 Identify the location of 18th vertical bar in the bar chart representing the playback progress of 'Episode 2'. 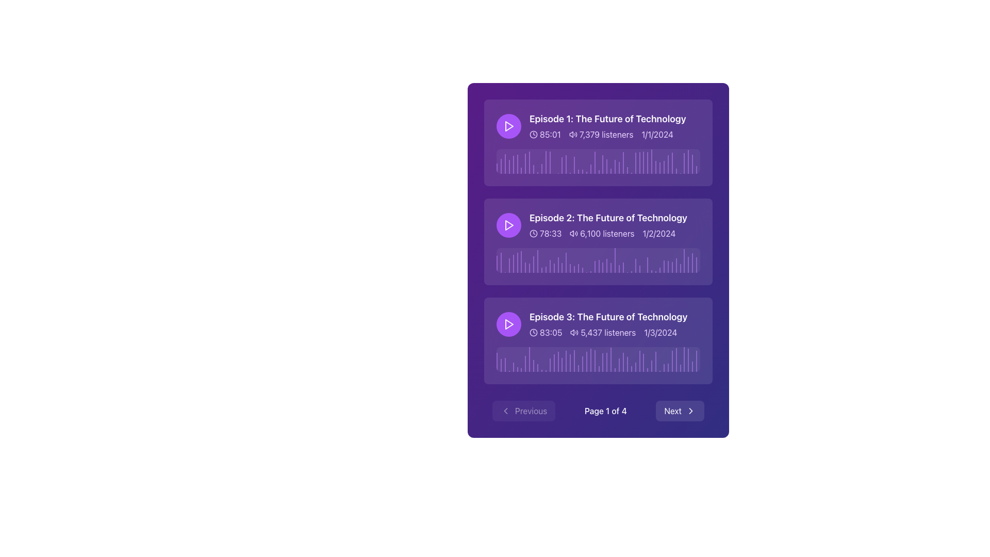
(566, 262).